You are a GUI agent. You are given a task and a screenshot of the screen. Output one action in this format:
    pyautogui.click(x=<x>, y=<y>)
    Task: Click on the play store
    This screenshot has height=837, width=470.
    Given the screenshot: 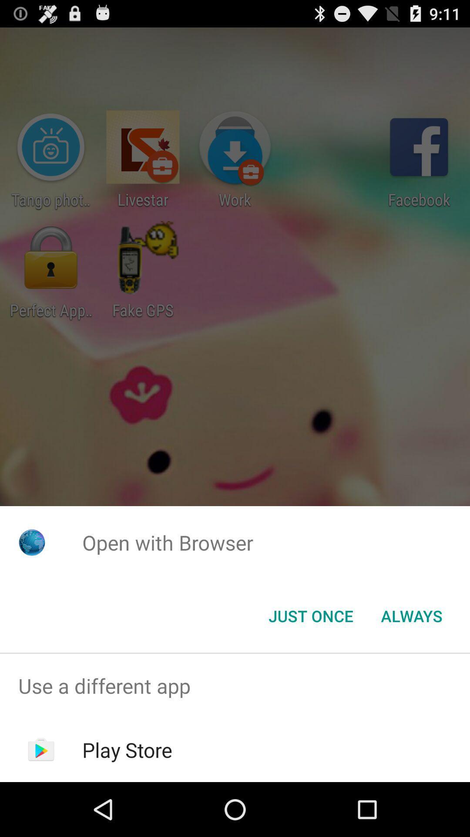 What is the action you would take?
    pyautogui.click(x=127, y=749)
    